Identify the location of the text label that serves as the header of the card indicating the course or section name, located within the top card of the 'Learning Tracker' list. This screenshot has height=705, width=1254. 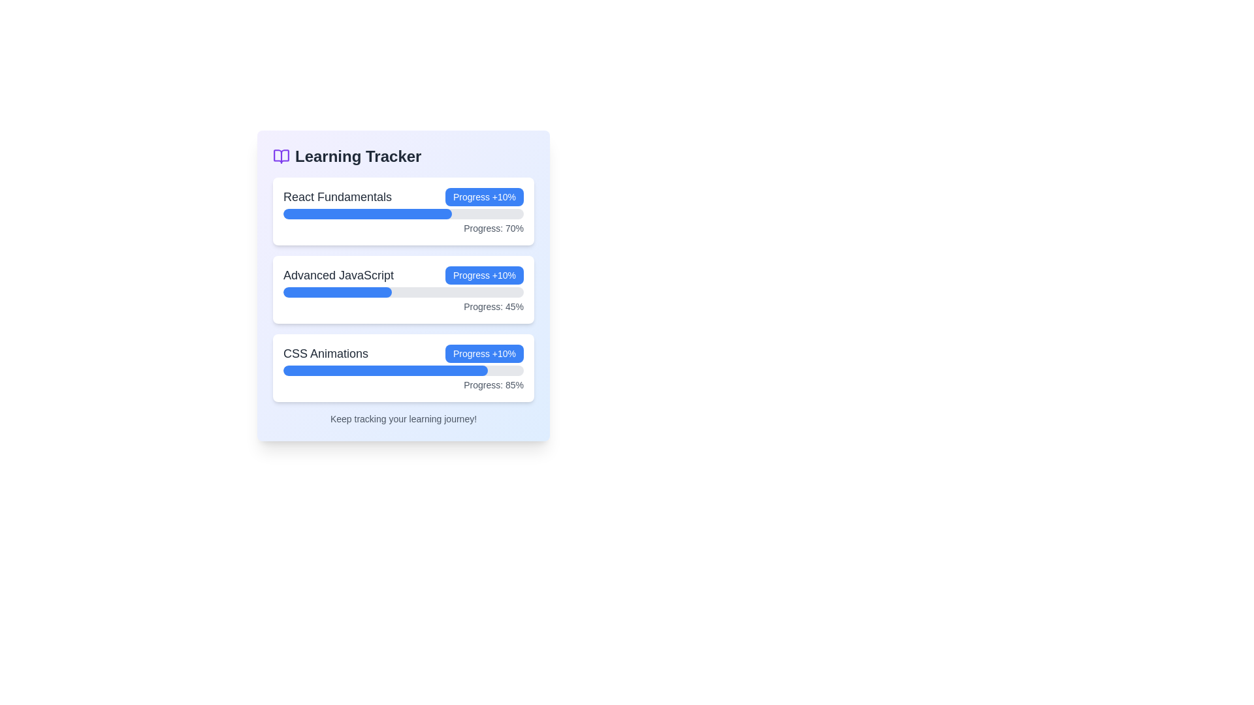
(338, 196).